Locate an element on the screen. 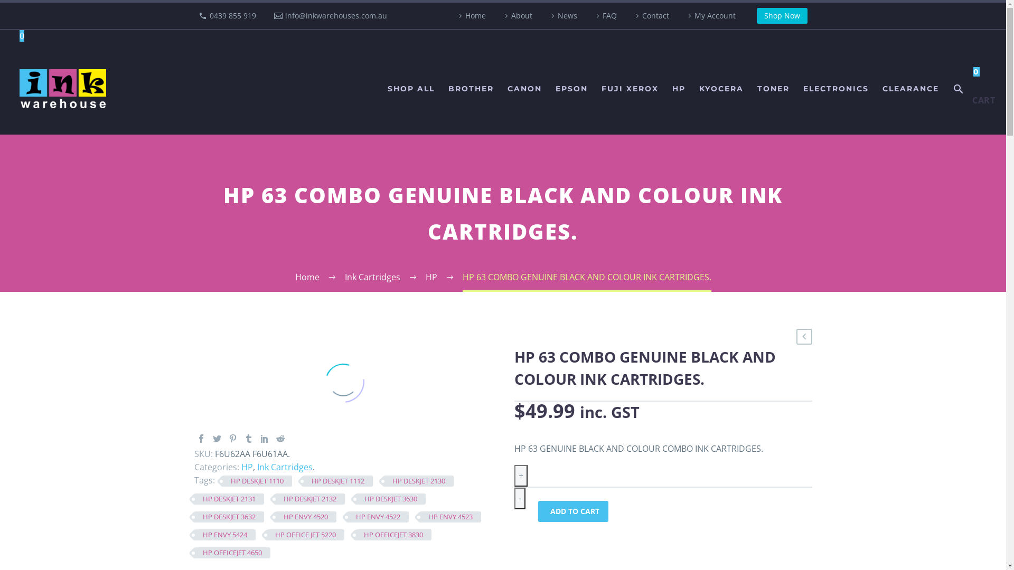 The height and width of the screenshot is (570, 1014). 'About' is located at coordinates (517, 16).